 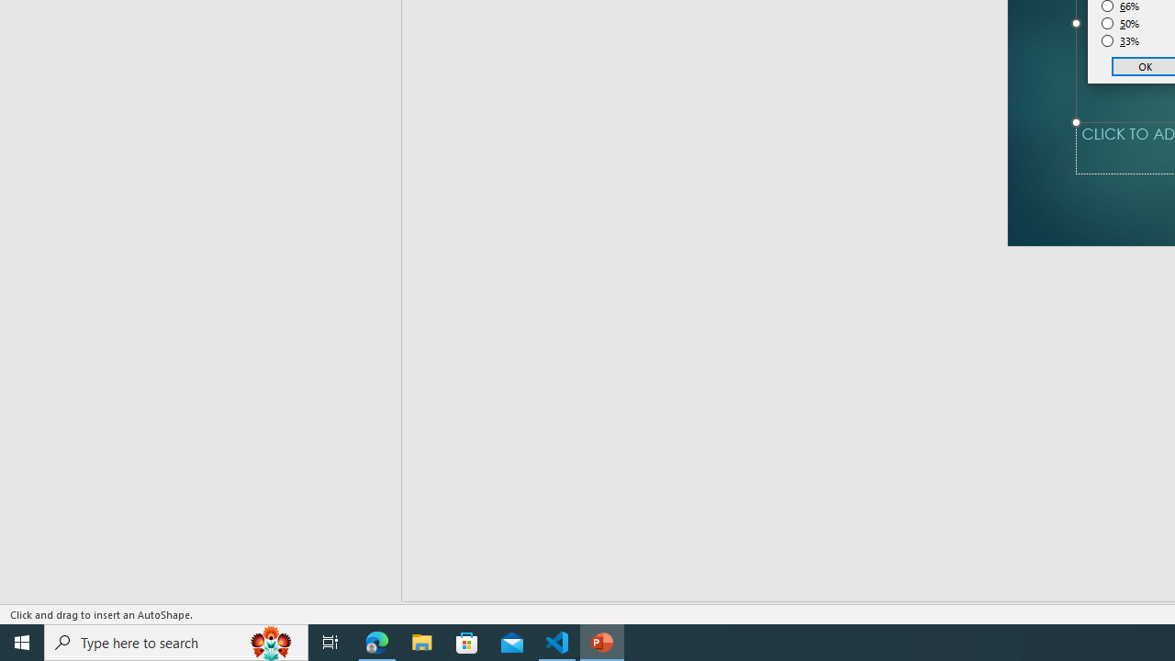 I want to click on '50%', so click(x=1120, y=23).